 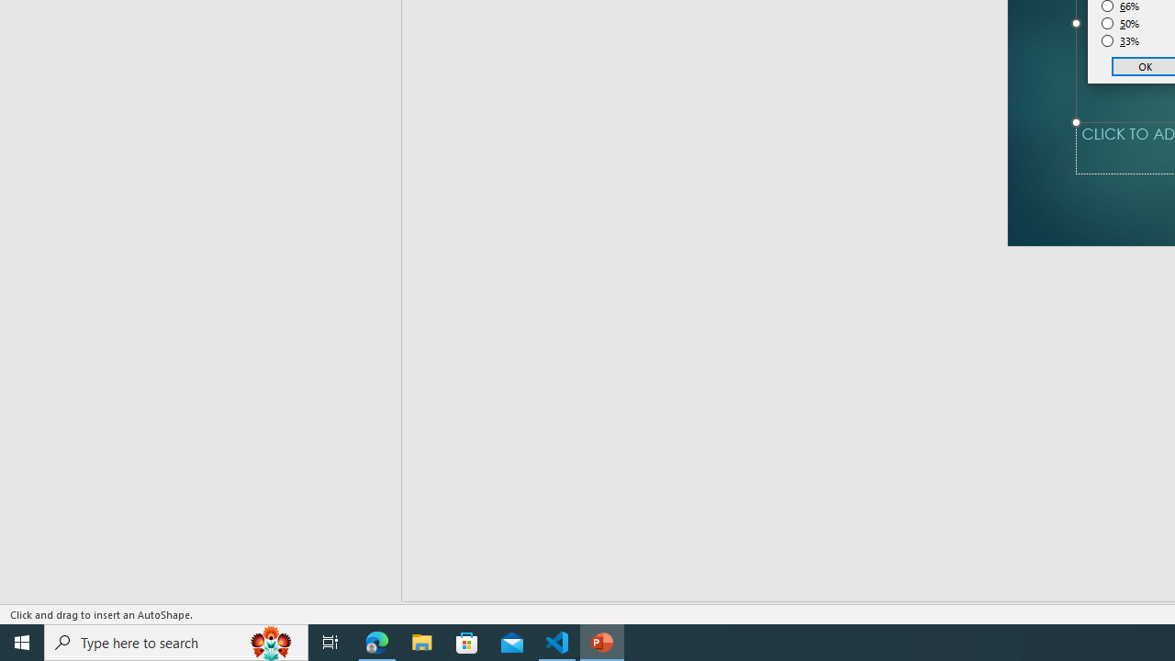 I want to click on '50%', so click(x=1120, y=23).